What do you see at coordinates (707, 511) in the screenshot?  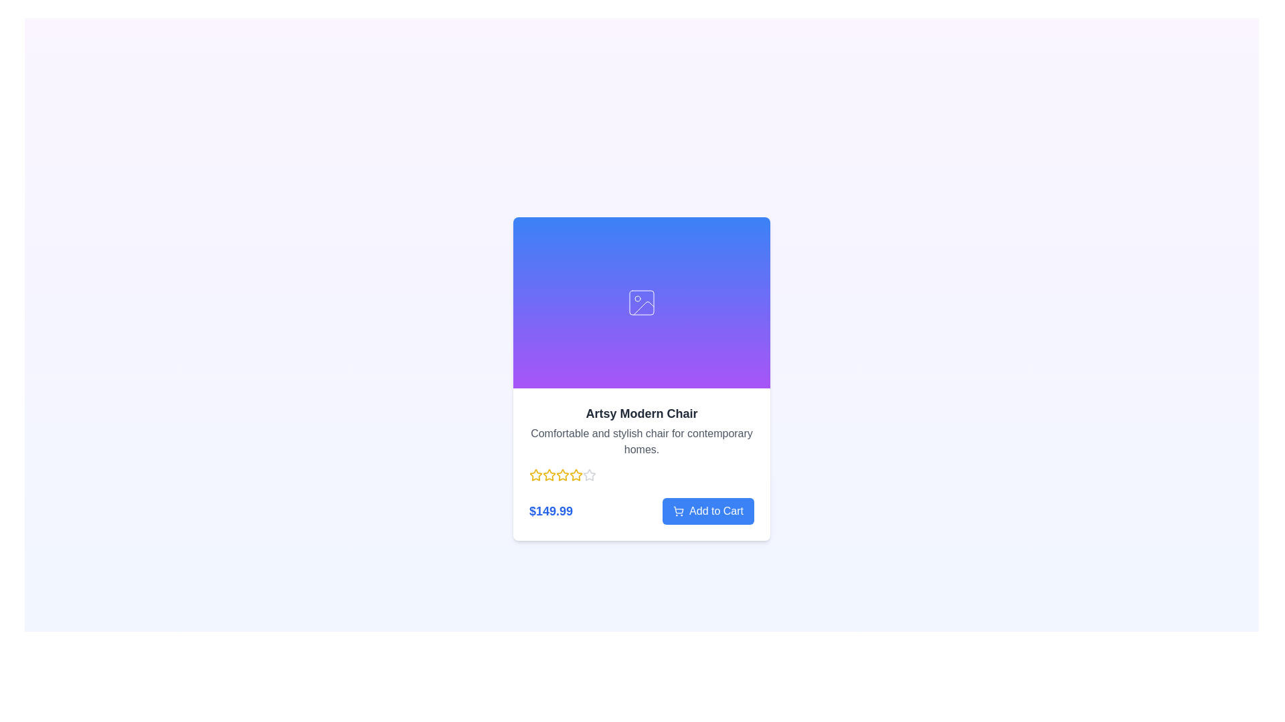 I see `the 'Add to Cart' button, which has a blue background and white text` at bounding box center [707, 511].